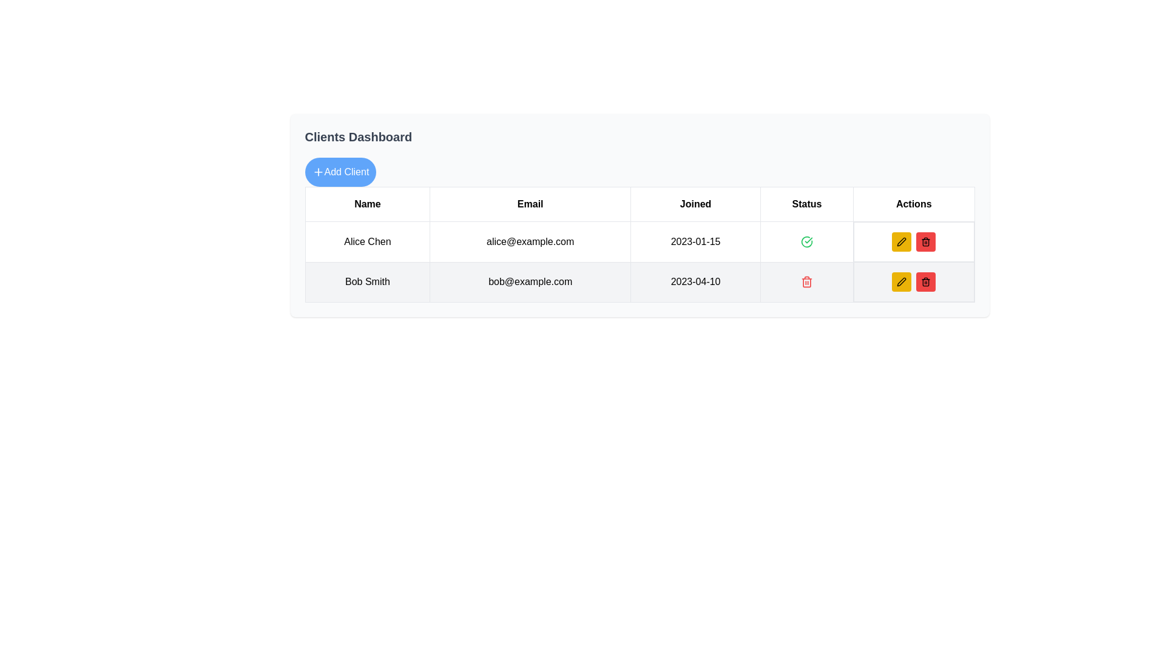  I want to click on the red trash can delete button located in the 'Actions' column of the second row in the table, so click(806, 282).